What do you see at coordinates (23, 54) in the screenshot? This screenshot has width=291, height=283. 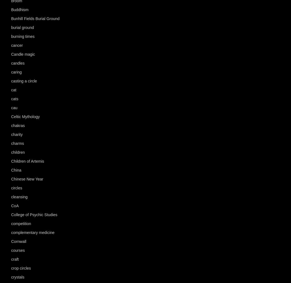 I see `'Candle magic'` at bounding box center [23, 54].